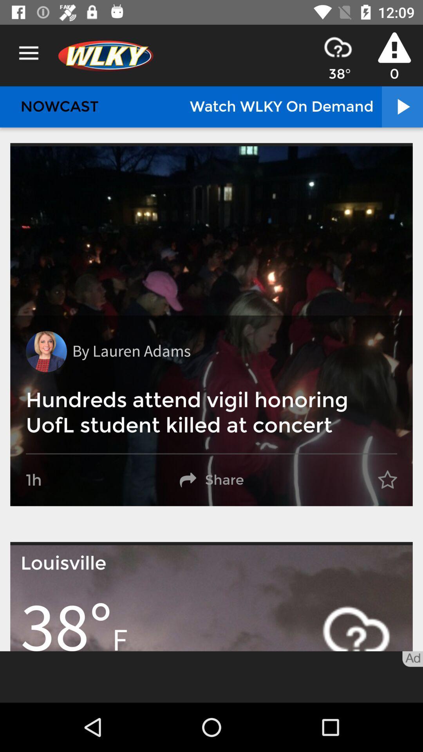 This screenshot has height=752, width=423. Describe the element at coordinates (131, 351) in the screenshot. I see `the by lauren adams item` at that location.